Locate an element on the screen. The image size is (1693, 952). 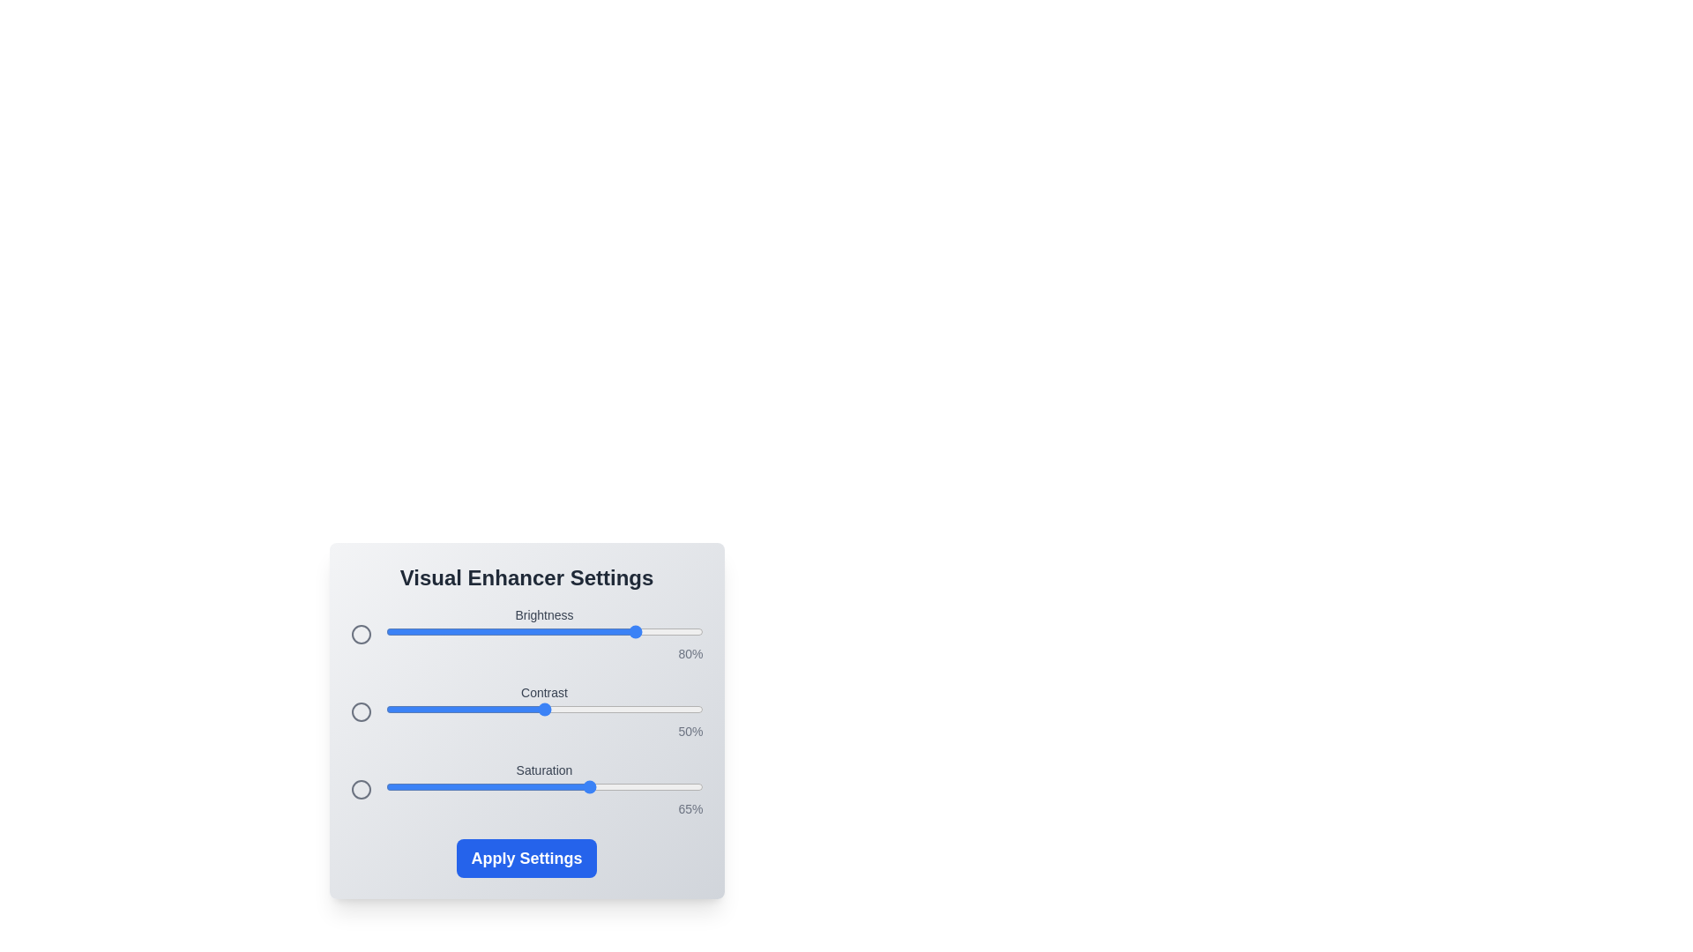
the 1 slider to 66% is located at coordinates (595, 709).